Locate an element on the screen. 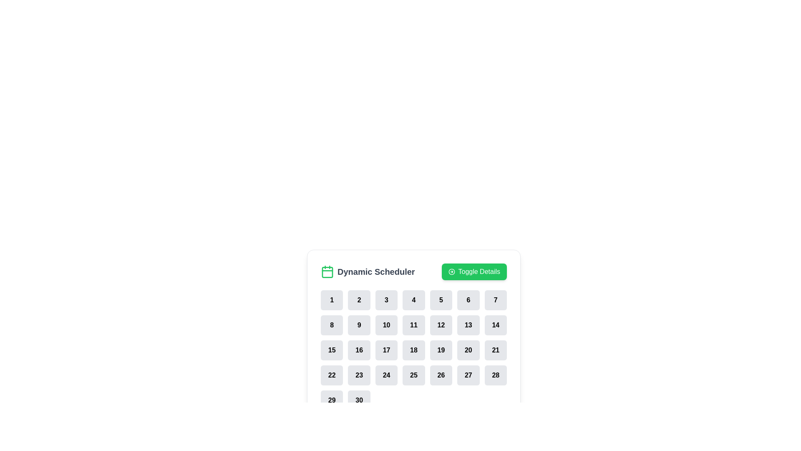 This screenshot has width=801, height=451. the button representing the day or item numbered '10' in the second row, third column of the grid layout in the 'Dynamic Scheduler' interface is located at coordinates (386, 325).